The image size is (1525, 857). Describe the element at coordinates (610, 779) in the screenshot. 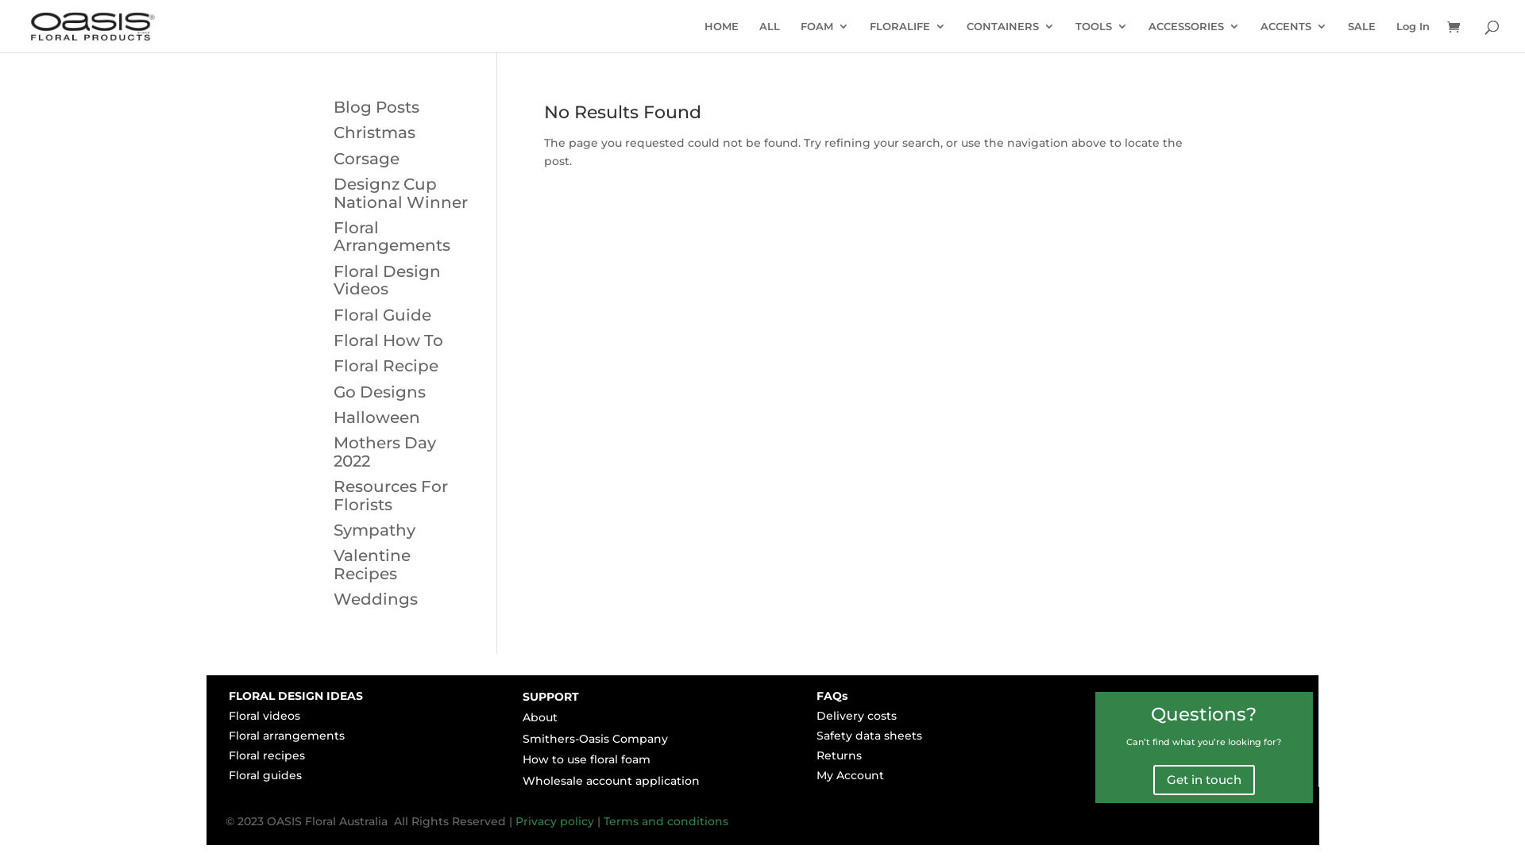

I see `'Wholesale account application'` at that location.